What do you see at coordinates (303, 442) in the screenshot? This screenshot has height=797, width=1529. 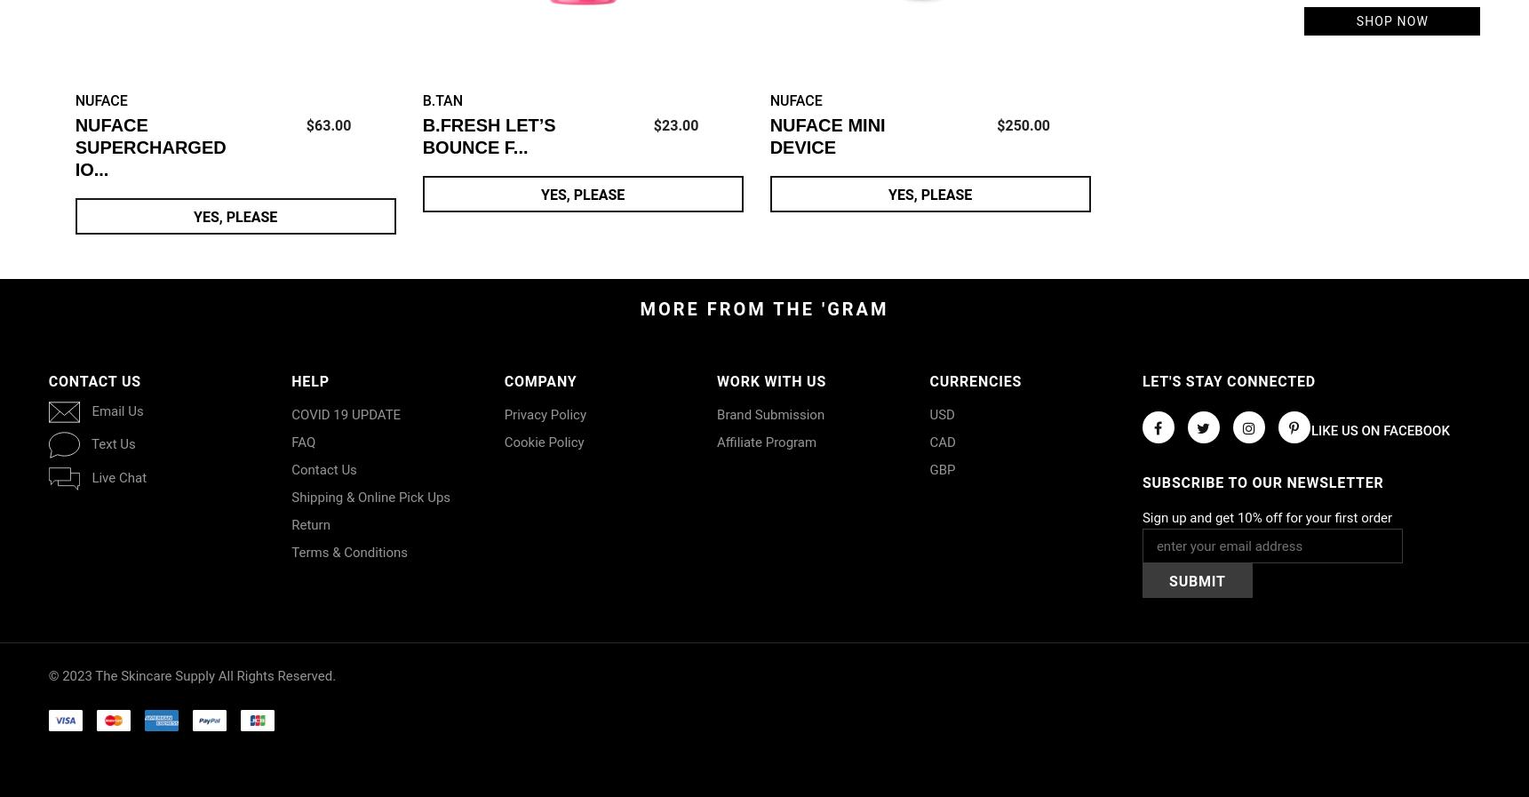 I see `'FAQ'` at bounding box center [303, 442].